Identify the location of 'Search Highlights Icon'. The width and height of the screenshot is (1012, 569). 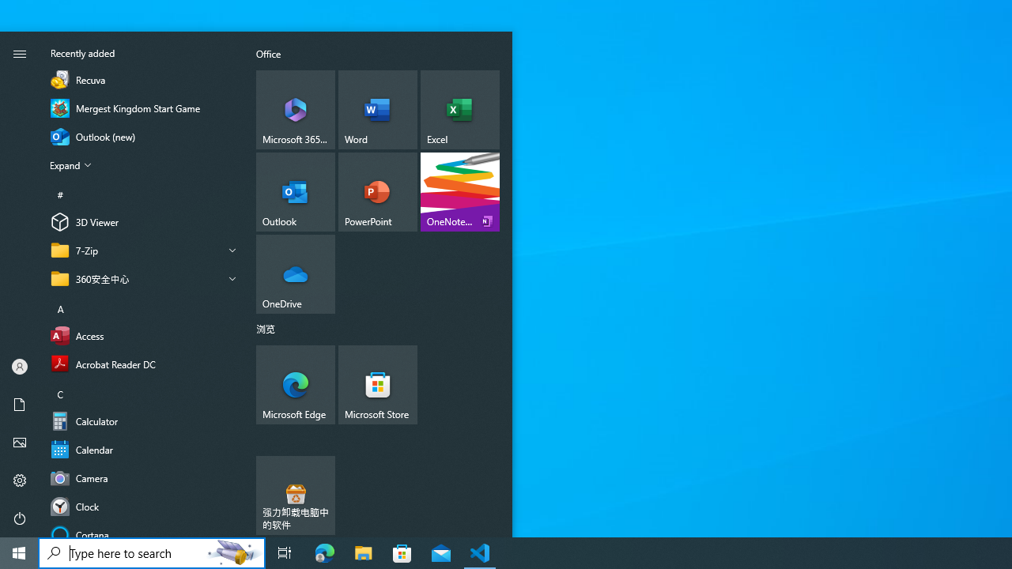
(232, 552).